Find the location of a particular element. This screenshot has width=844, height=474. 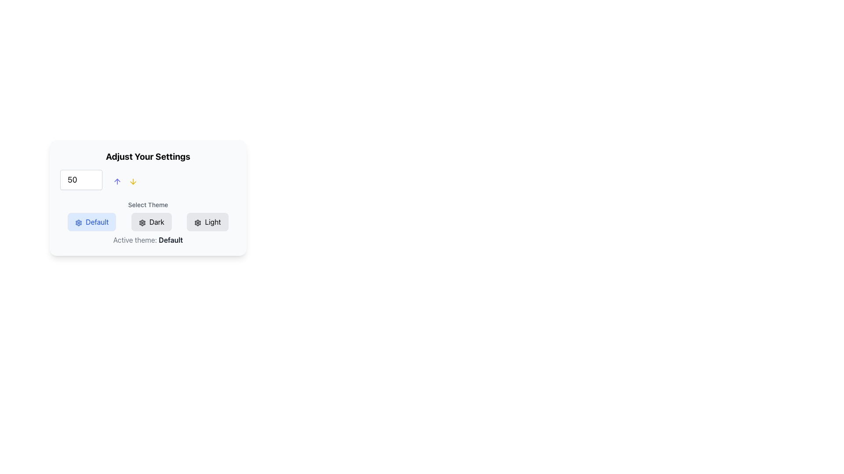

the Icon Button with a downward arrow located next to the numerical input box displaying '50' in the settings panel is located at coordinates (132, 181).